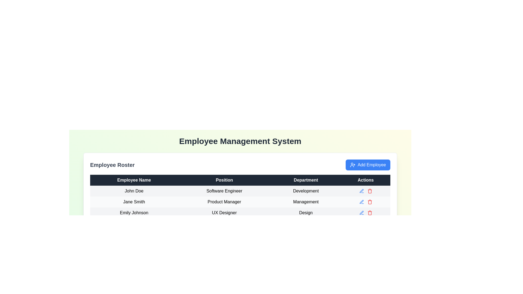  I want to click on the bold text label at the top center of the interface, which serves as the title for the employee management application, so click(240, 141).